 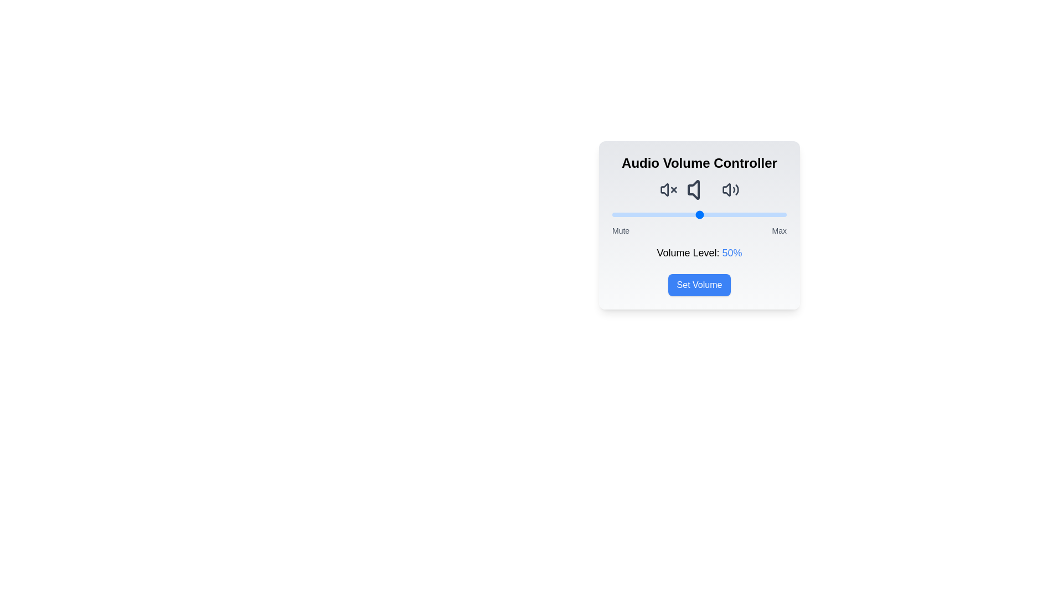 What do you see at coordinates (699, 285) in the screenshot?
I see `the 'Set Volume' button` at bounding box center [699, 285].